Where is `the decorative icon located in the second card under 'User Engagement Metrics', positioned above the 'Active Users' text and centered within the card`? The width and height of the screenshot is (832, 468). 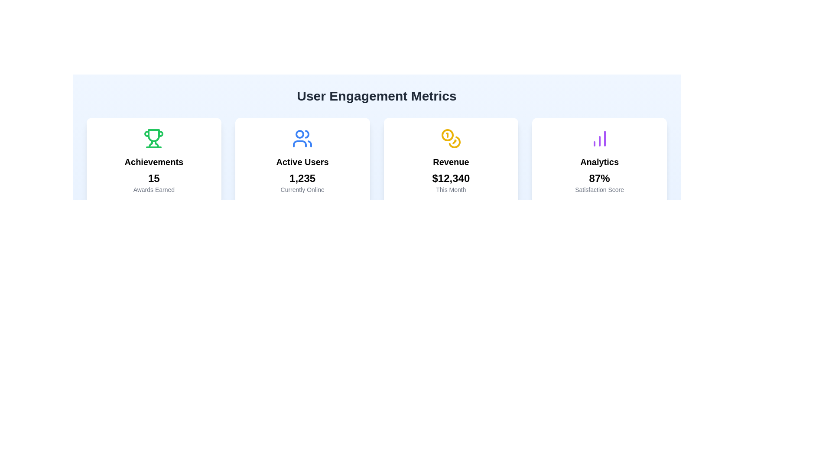
the decorative icon located in the second card under 'User Engagement Metrics', positioned above the 'Active Users' text and centered within the card is located at coordinates (302, 138).